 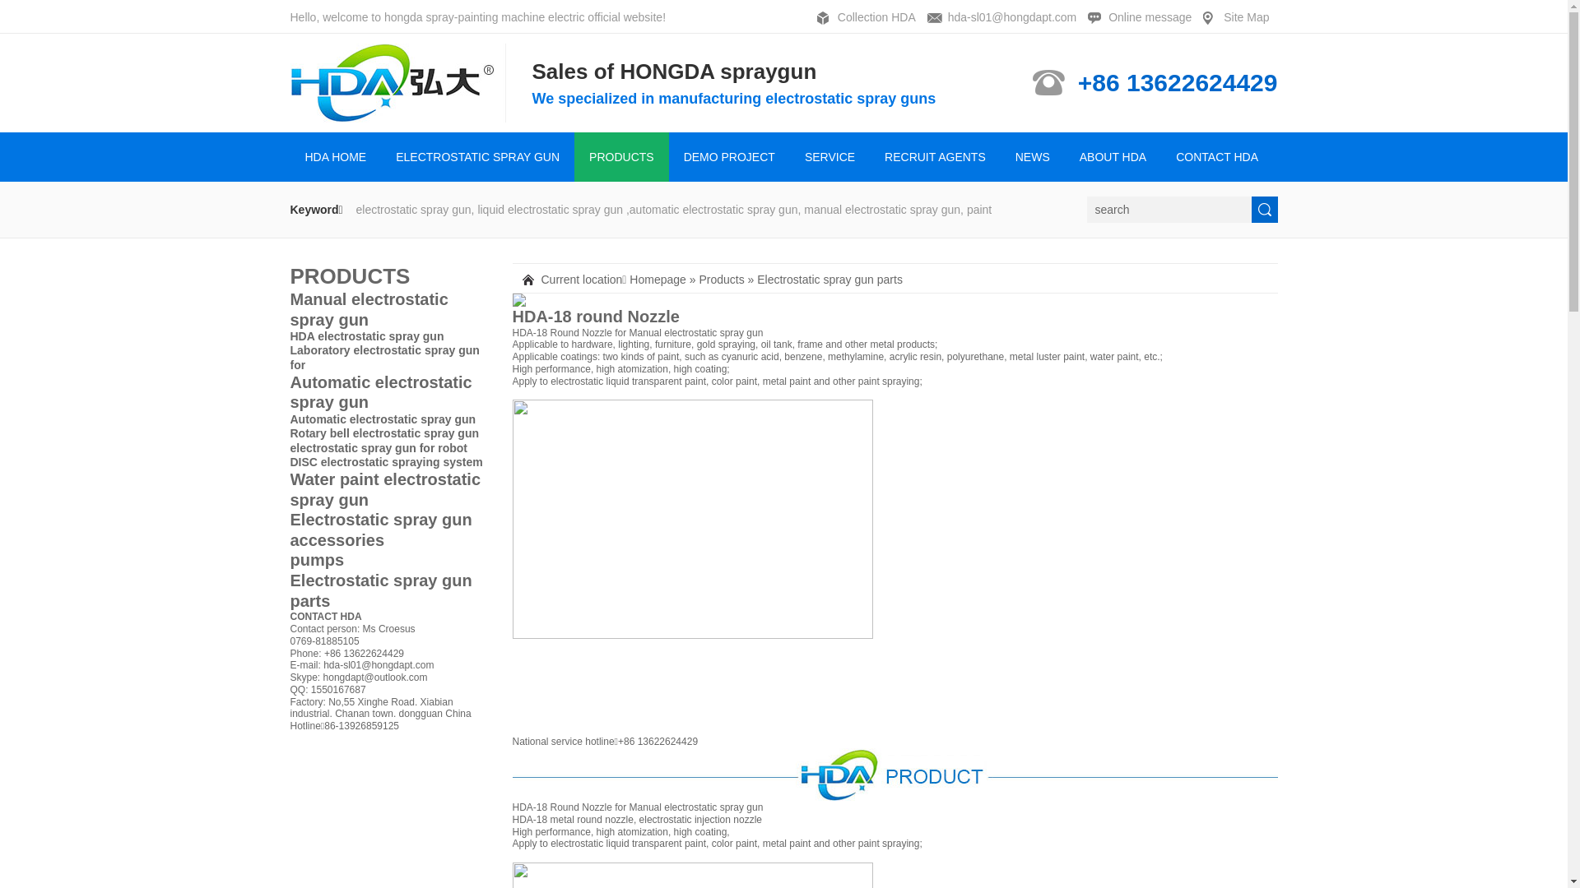 What do you see at coordinates (334, 157) in the screenshot?
I see `'HDA HOME'` at bounding box center [334, 157].